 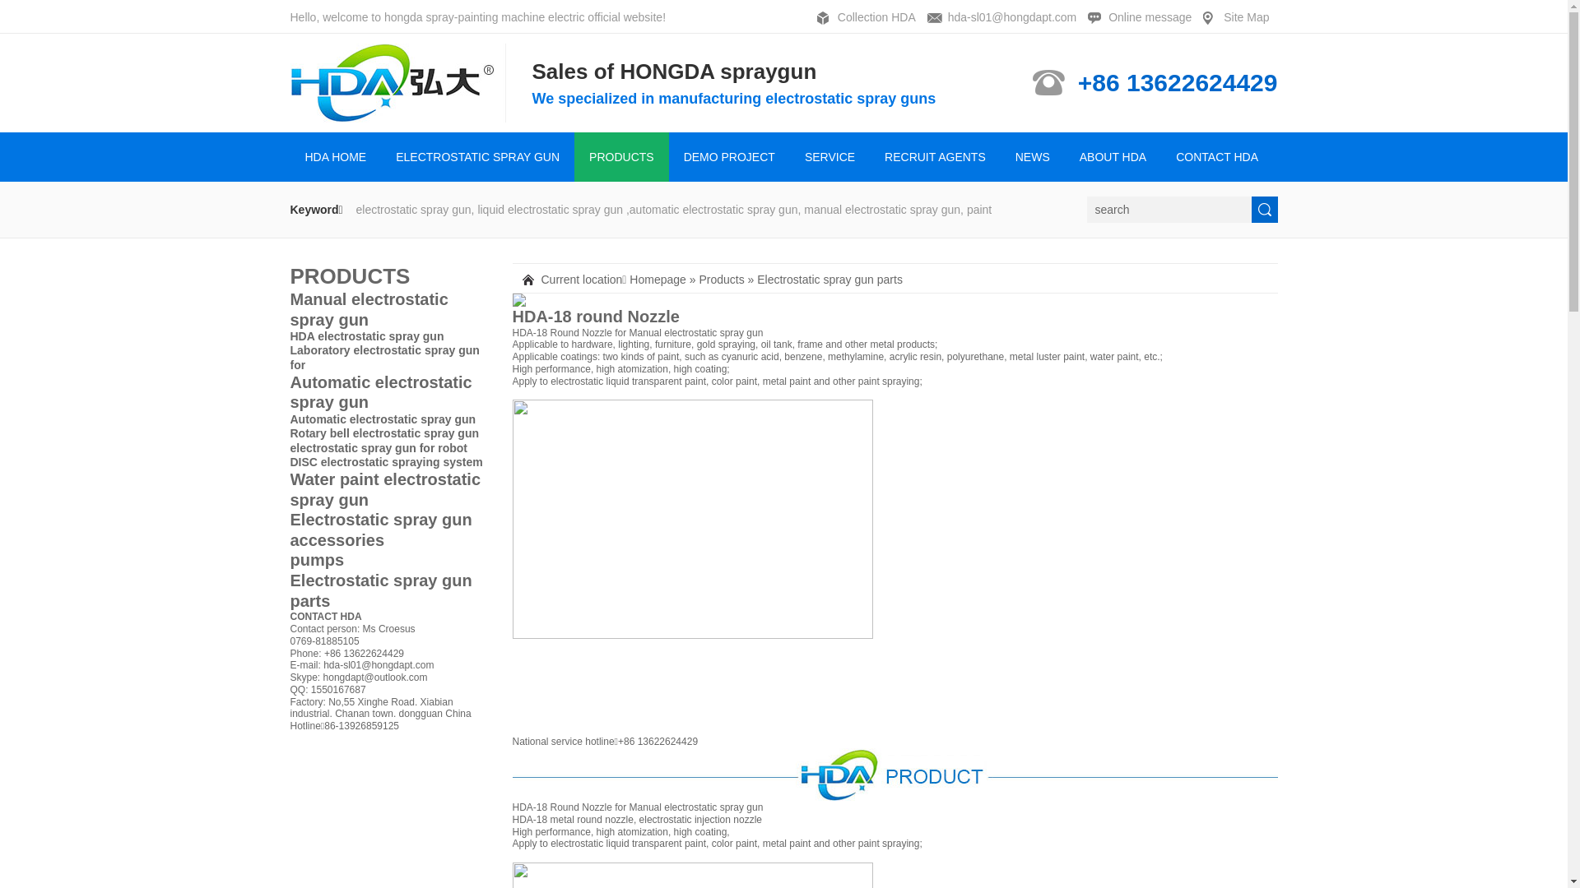 What do you see at coordinates (334, 157) in the screenshot?
I see `'HDA HOME'` at bounding box center [334, 157].